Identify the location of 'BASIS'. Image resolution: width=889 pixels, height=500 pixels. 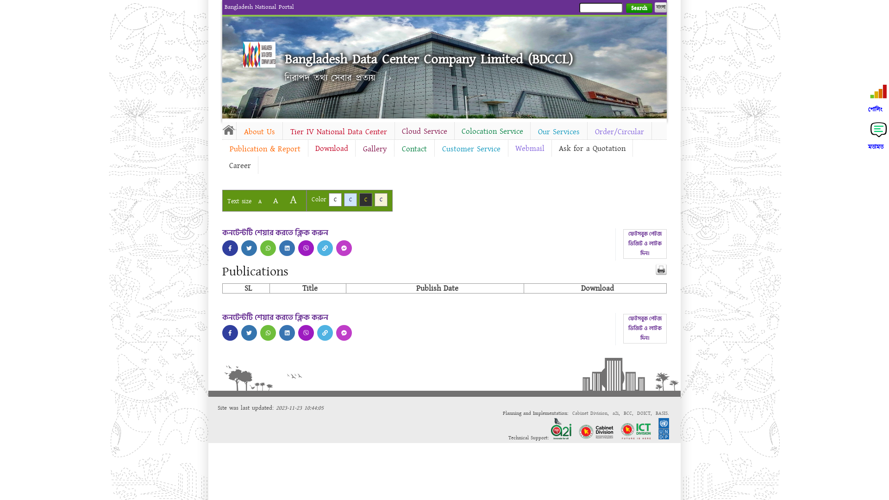
(655, 412).